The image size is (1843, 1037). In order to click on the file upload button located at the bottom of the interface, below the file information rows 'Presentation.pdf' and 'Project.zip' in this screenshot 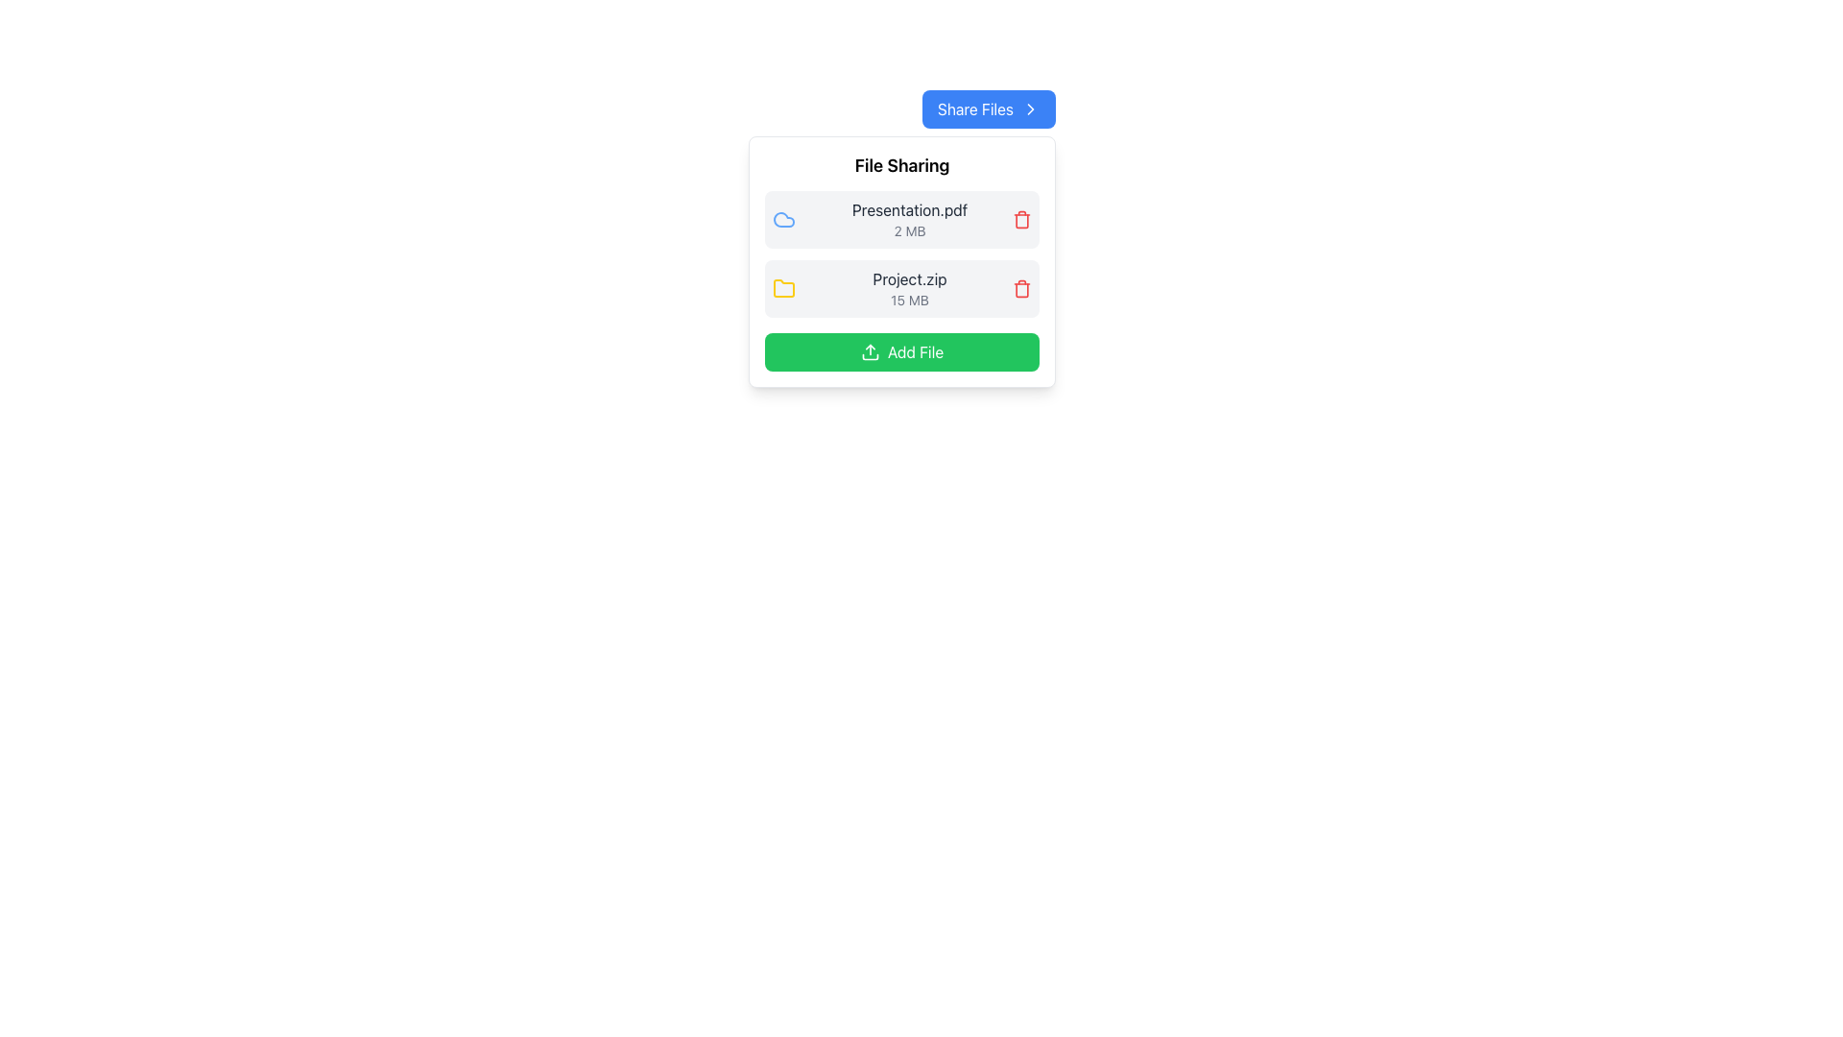, I will do `click(901, 351)`.